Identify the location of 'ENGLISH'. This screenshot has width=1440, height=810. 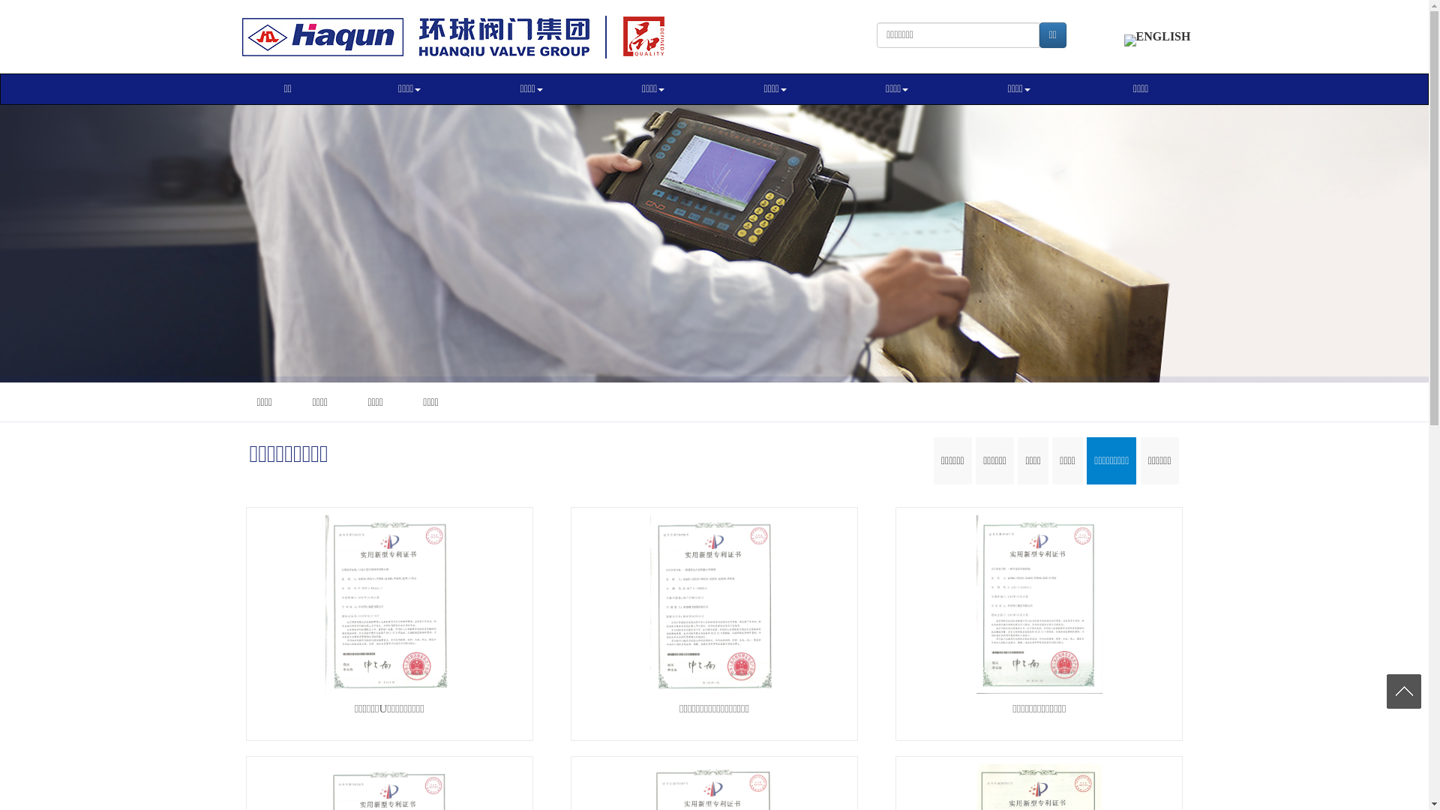
(1123, 35).